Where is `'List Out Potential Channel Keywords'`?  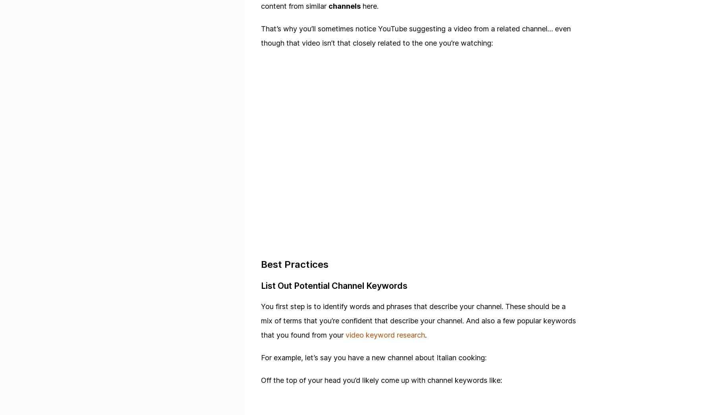 'List Out Potential Channel Keywords' is located at coordinates (334, 285).